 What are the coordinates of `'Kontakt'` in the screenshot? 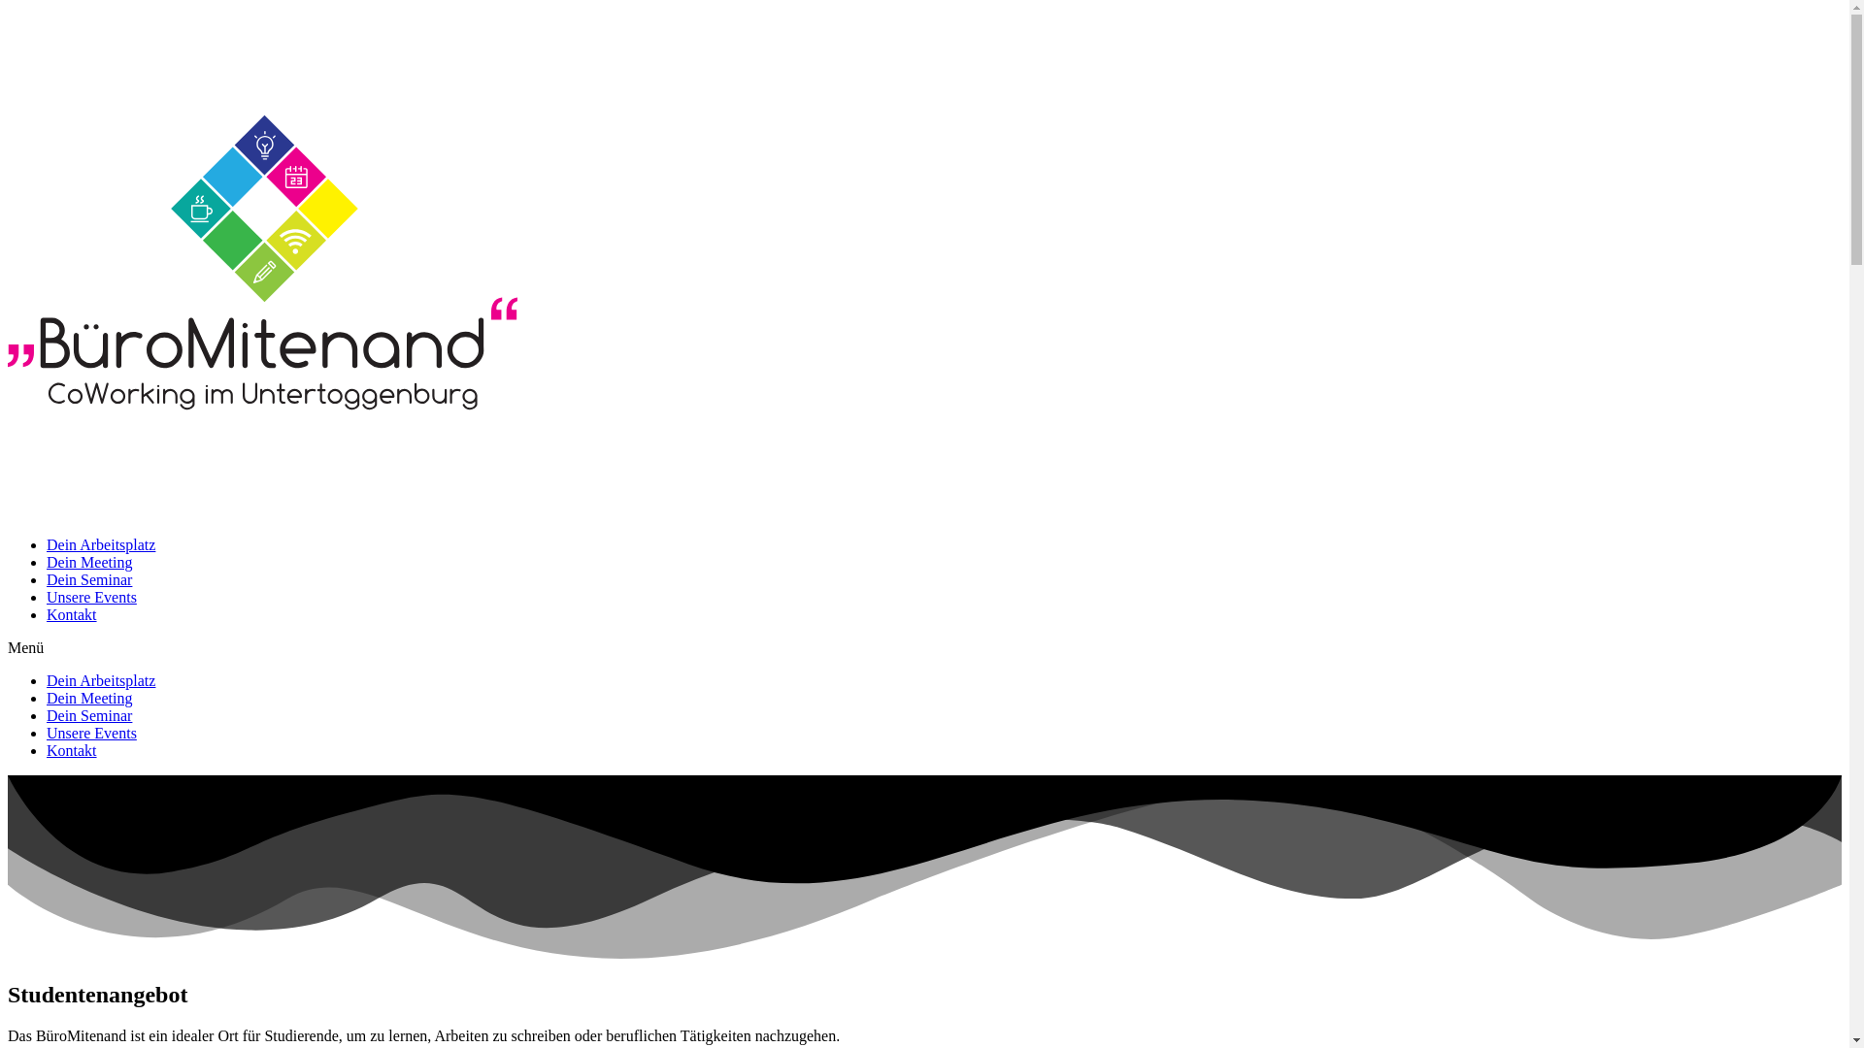 It's located at (71, 749).